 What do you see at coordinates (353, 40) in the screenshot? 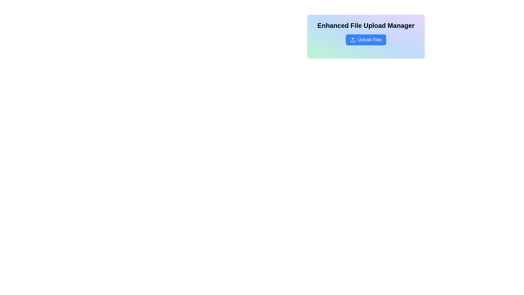
I see `the upload icon located to the left of the 'Upload Files' button, which visually represents the upload action` at bounding box center [353, 40].